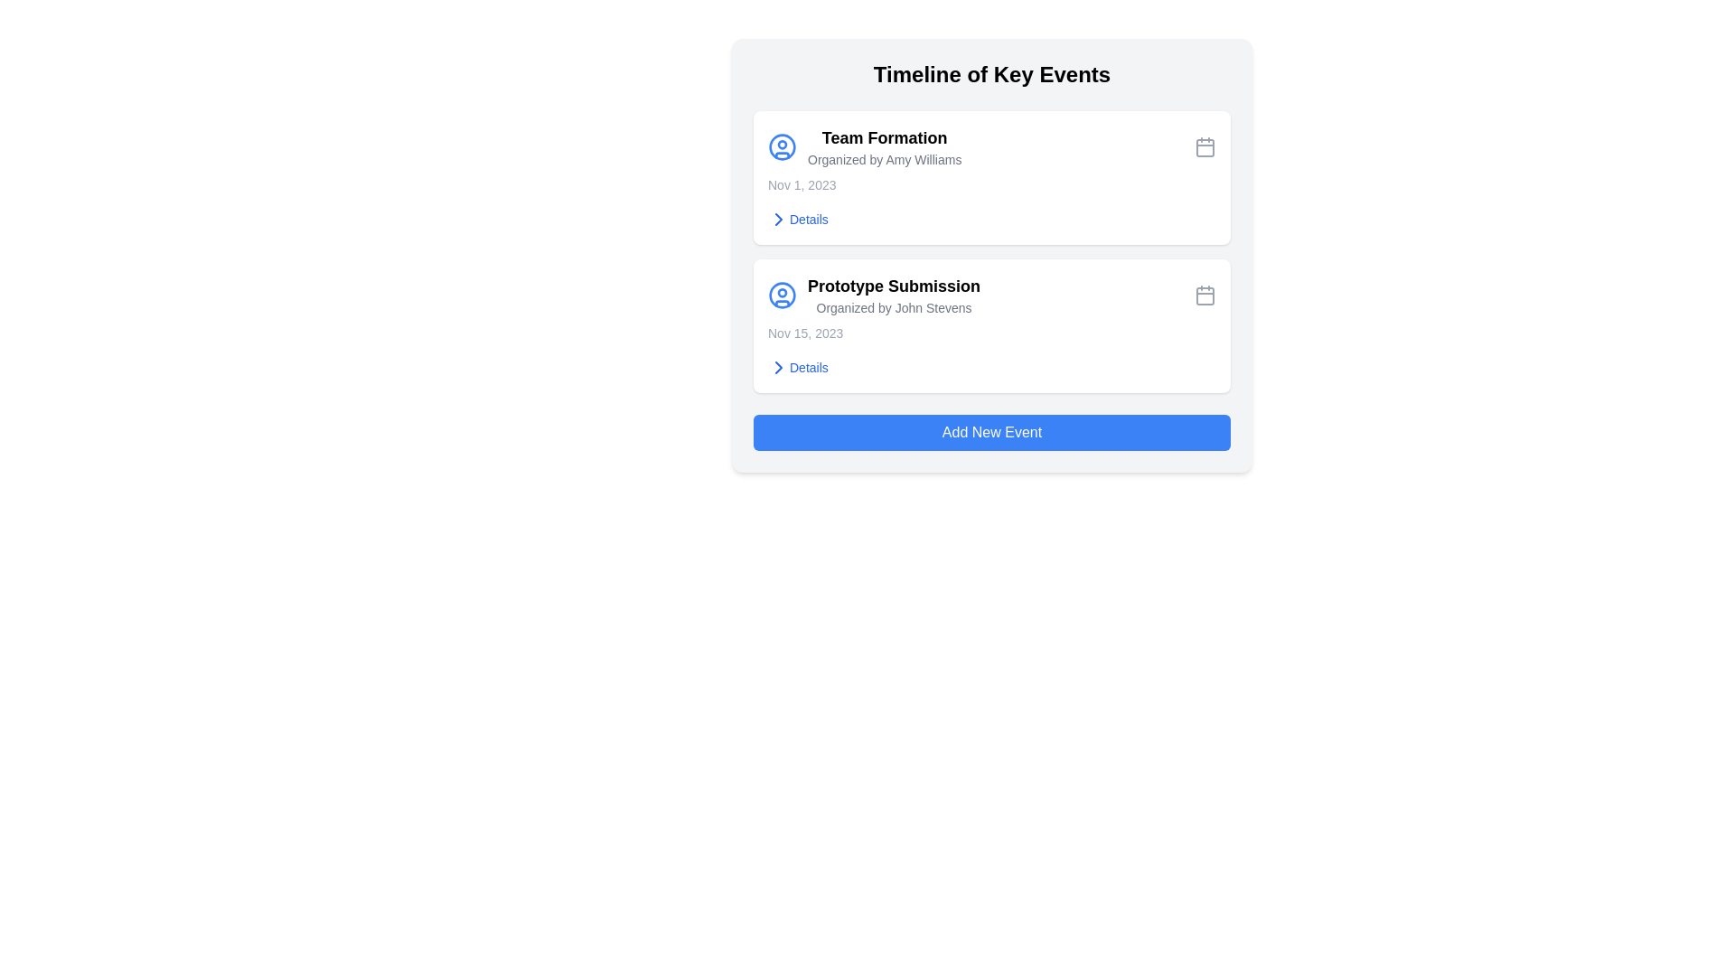 This screenshot has height=976, width=1735. I want to click on keyboard navigation, so click(779, 367).